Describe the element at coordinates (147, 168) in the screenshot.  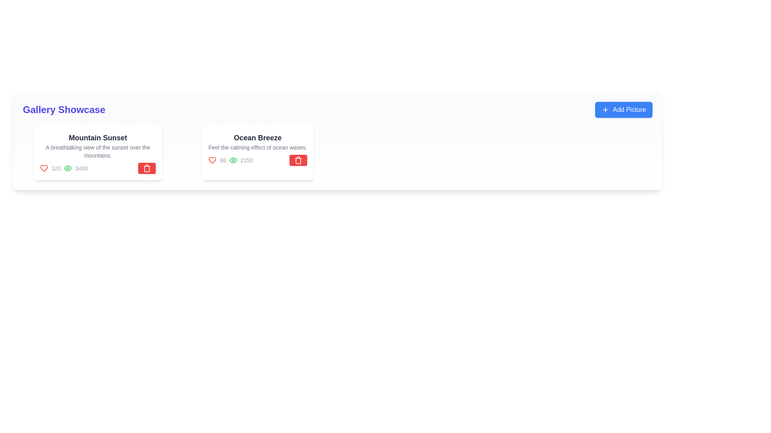
I see `the delete button located at the bottom right of the 'Mountain Sunset' card to observe the hover effect` at that location.